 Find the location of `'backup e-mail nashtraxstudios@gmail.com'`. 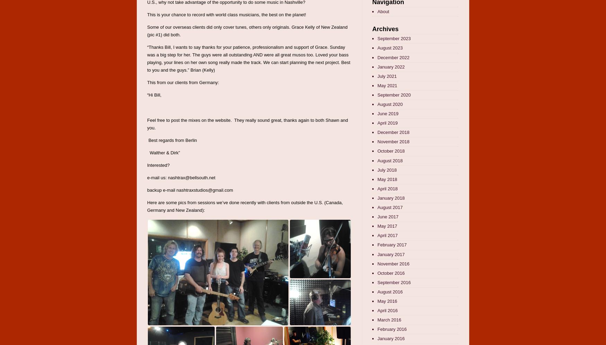

'backup e-mail nashtraxstudios@gmail.com' is located at coordinates (147, 190).